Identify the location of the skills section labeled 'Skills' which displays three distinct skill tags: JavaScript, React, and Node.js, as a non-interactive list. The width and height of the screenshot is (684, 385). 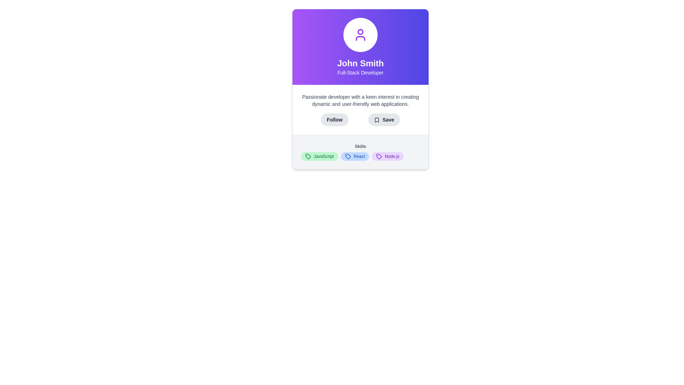
(361, 152).